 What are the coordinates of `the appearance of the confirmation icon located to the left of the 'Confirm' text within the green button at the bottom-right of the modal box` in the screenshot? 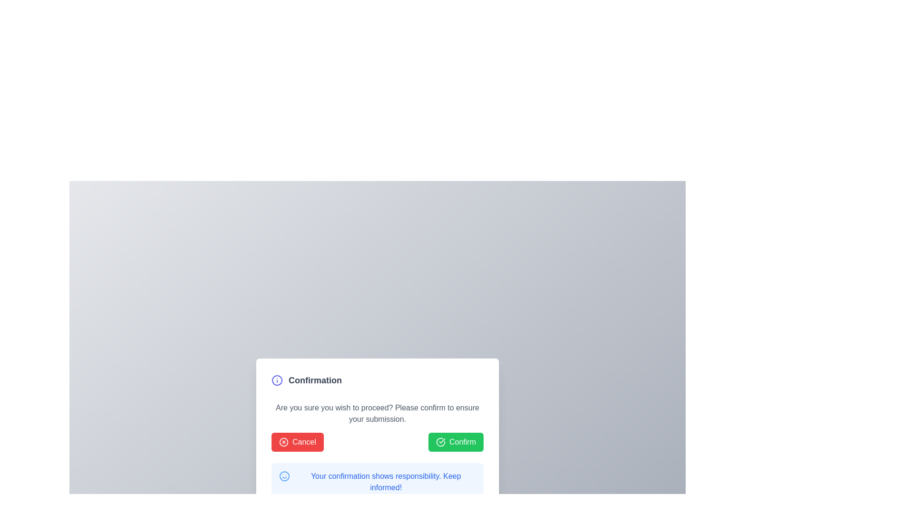 It's located at (440, 442).